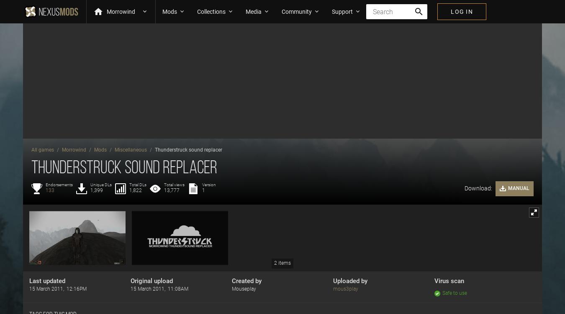 The height and width of the screenshot is (314, 565). I want to click on '133', so click(50, 190).